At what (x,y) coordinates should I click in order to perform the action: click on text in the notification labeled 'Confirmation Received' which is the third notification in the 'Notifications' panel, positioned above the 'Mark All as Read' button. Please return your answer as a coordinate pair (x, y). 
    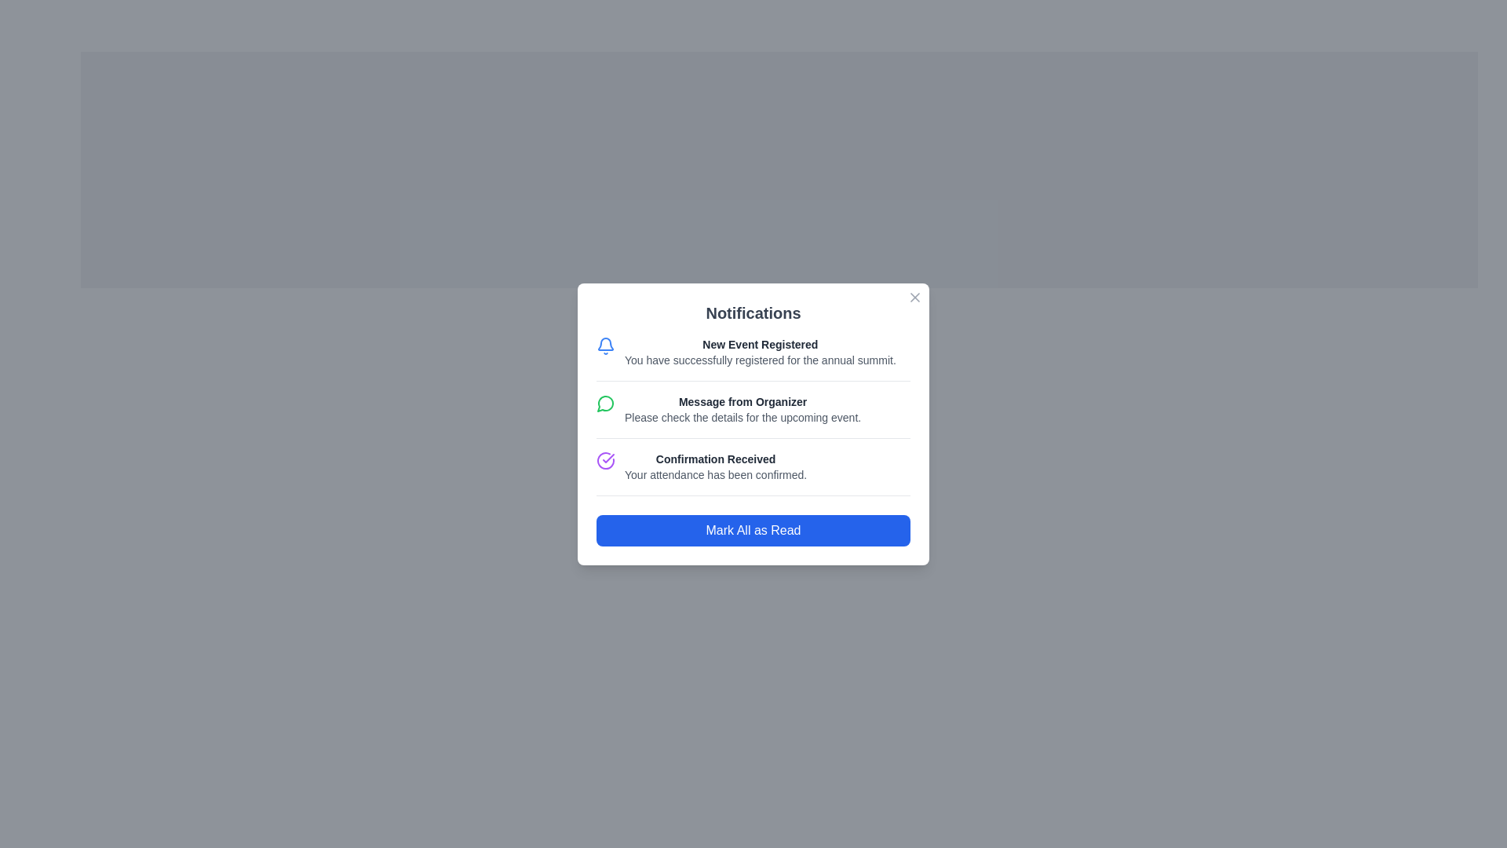
    Looking at the image, I should click on (715, 466).